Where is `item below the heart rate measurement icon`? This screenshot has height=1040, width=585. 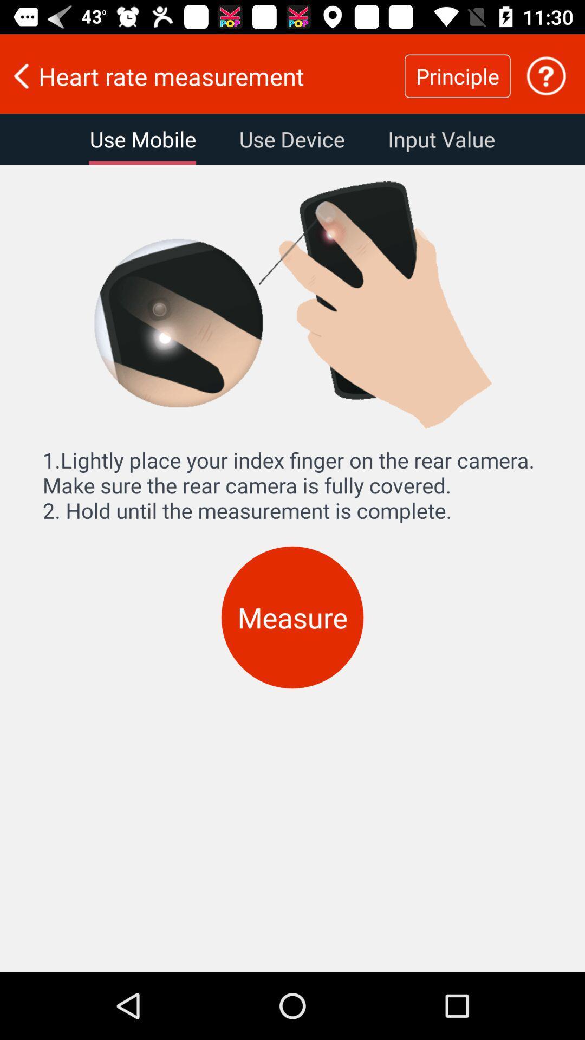 item below the heart rate measurement icon is located at coordinates (142, 139).